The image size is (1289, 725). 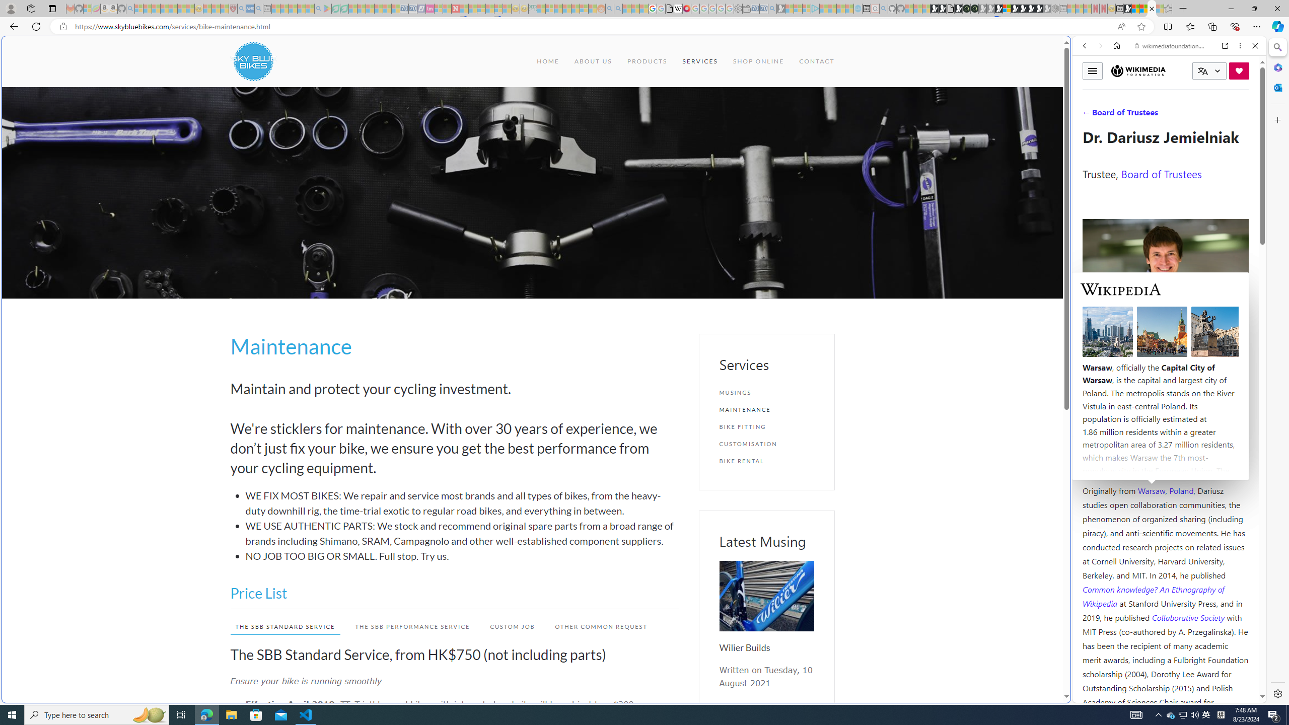 What do you see at coordinates (765, 409) in the screenshot?
I see `'MAINTENANCE'` at bounding box center [765, 409].